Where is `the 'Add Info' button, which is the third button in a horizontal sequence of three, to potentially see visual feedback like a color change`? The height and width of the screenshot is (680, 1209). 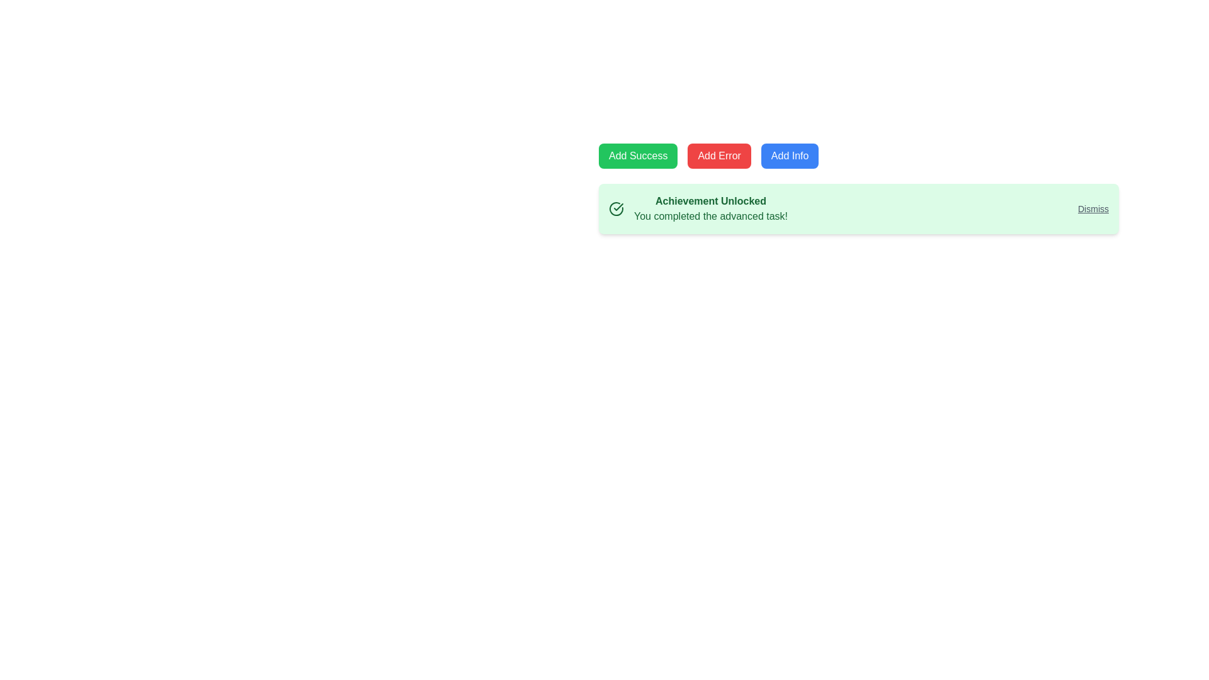
the 'Add Info' button, which is the third button in a horizontal sequence of three, to potentially see visual feedback like a color change is located at coordinates (789, 155).